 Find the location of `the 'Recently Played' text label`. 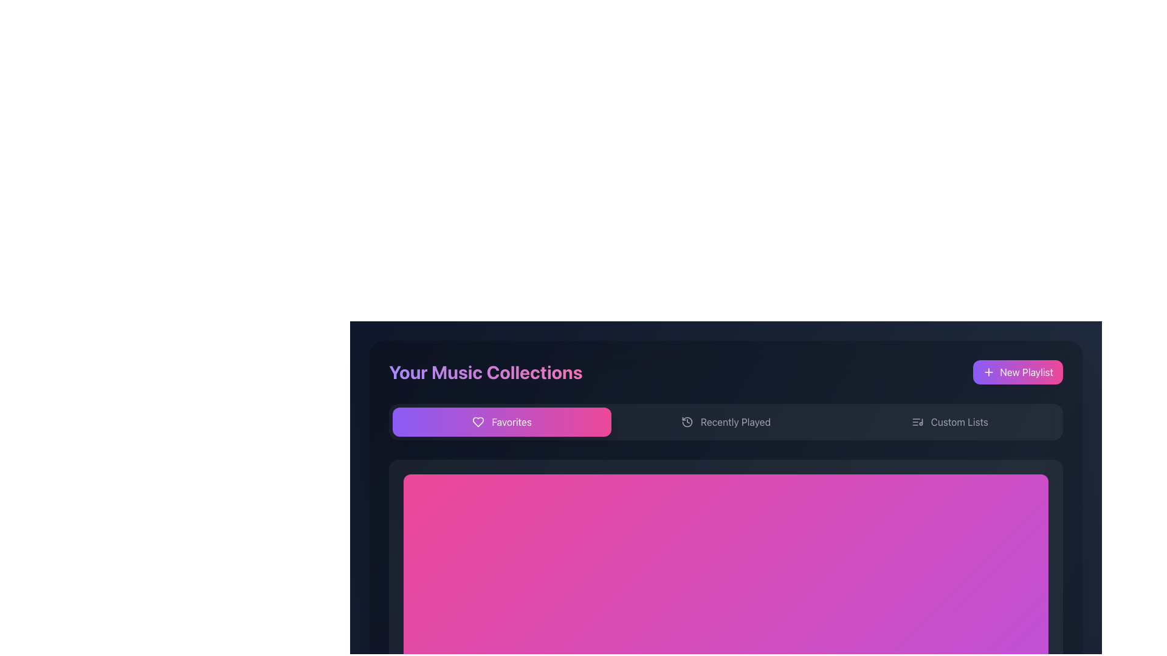

the 'Recently Played' text label is located at coordinates (735, 421).